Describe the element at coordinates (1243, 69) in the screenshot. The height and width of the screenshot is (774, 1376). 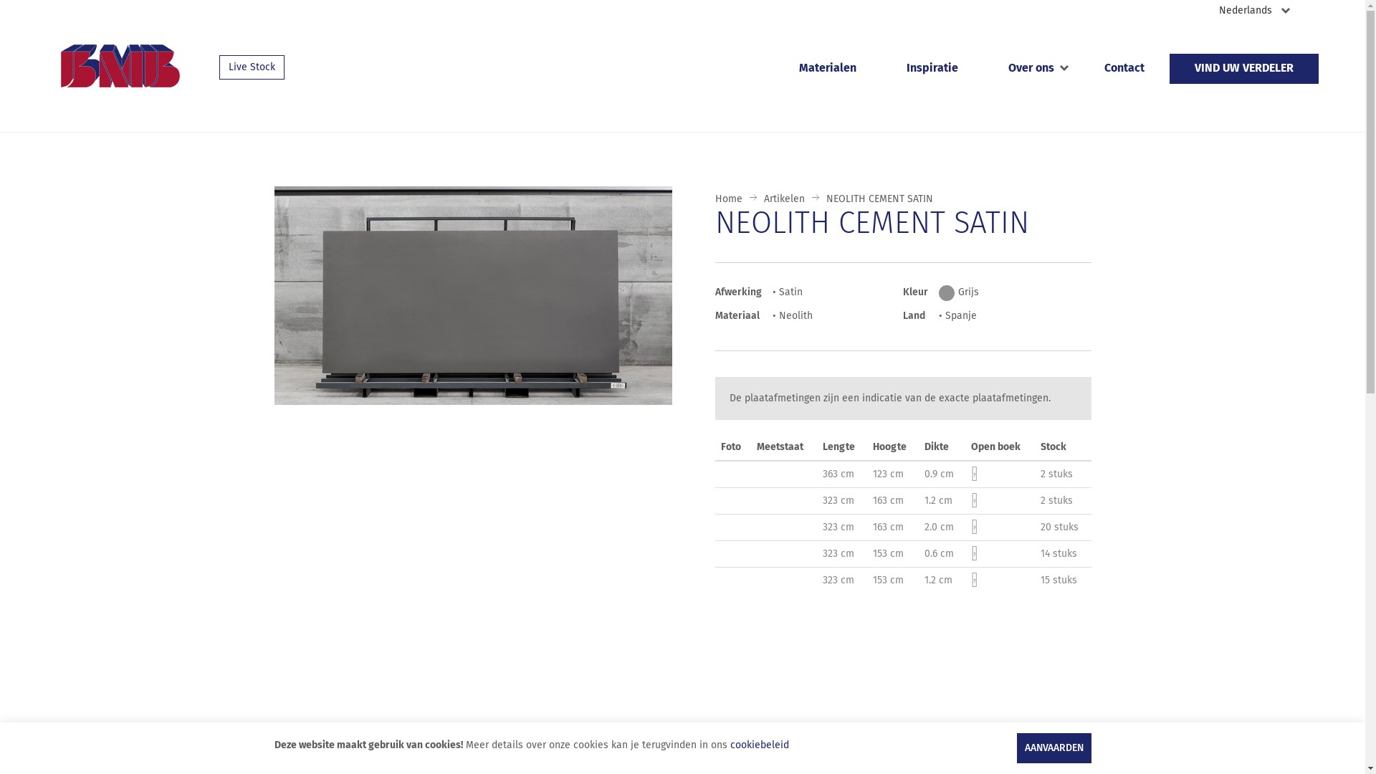
I see `'VIND UW VERDELER'` at that location.